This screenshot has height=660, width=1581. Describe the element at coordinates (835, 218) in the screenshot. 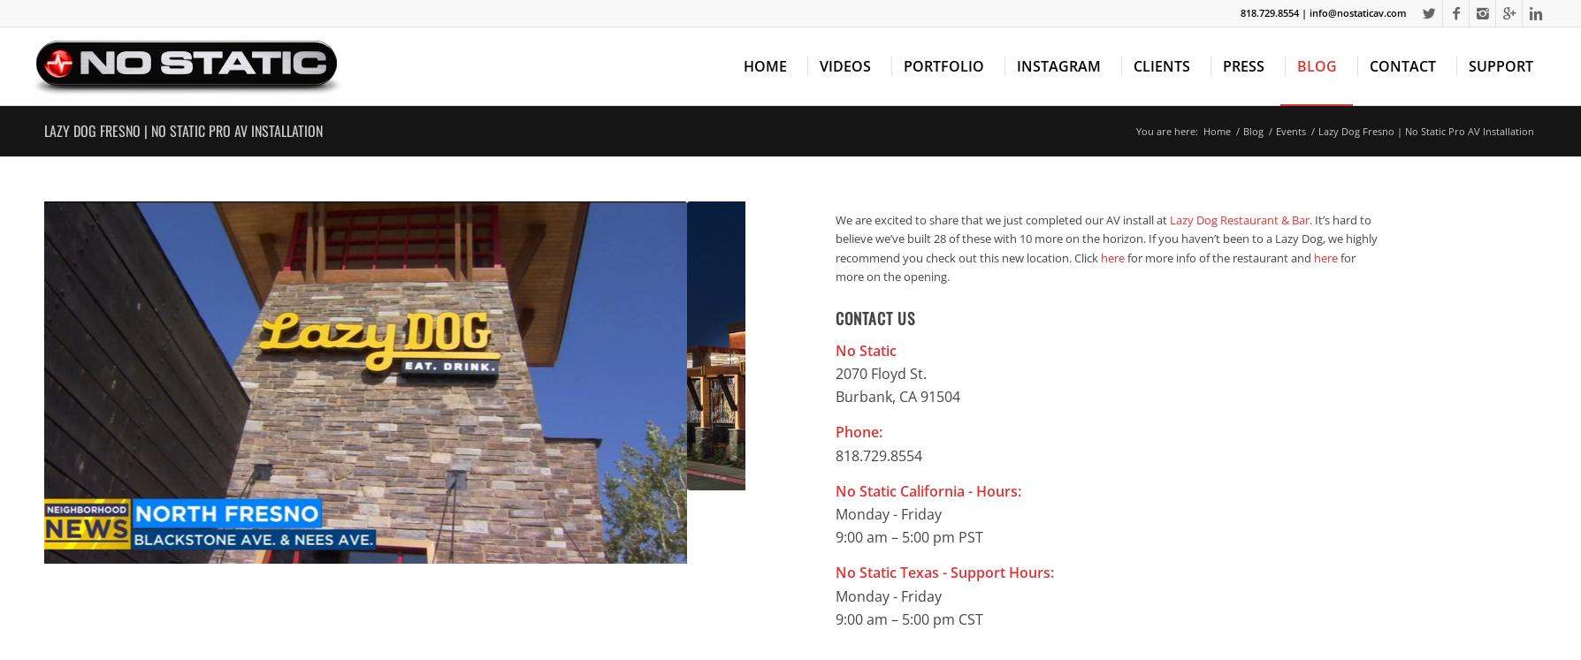

I see `'We are excited to share that we just completed our AV install at'` at that location.